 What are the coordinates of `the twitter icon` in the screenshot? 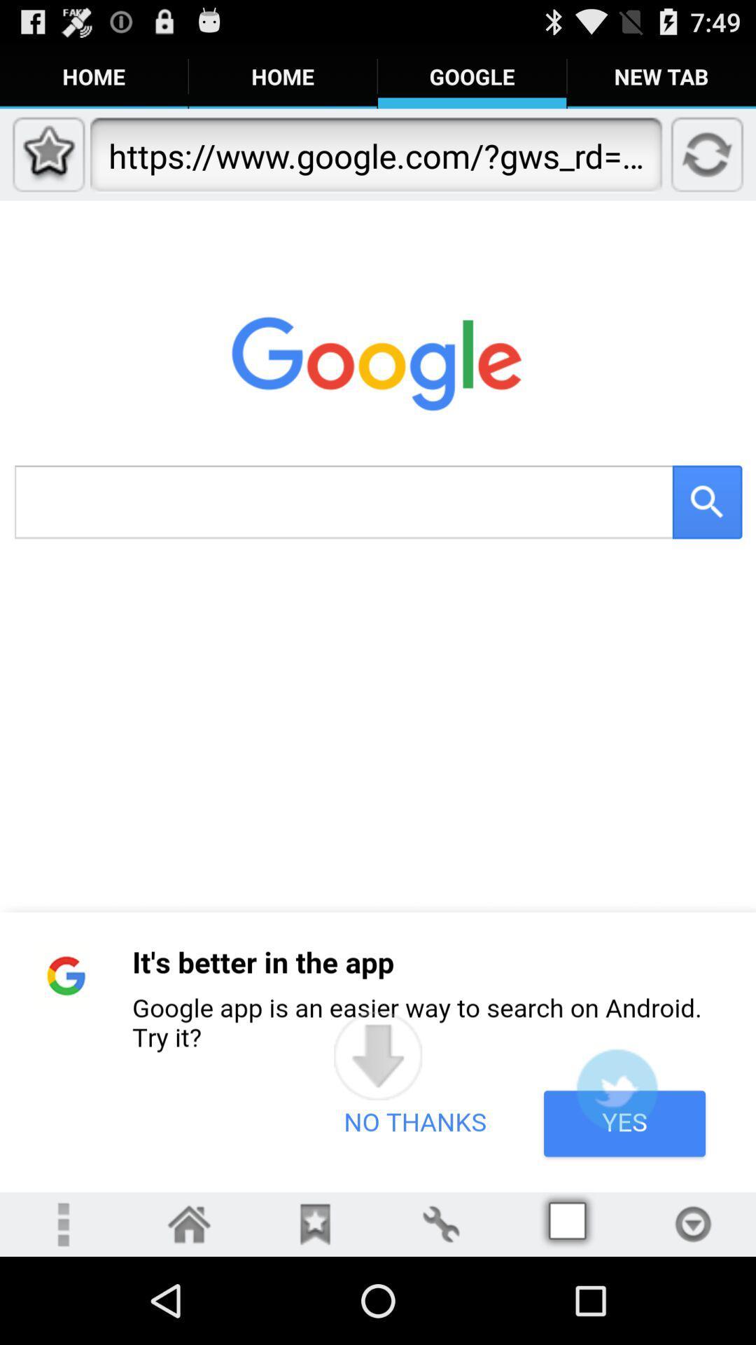 It's located at (616, 1166).